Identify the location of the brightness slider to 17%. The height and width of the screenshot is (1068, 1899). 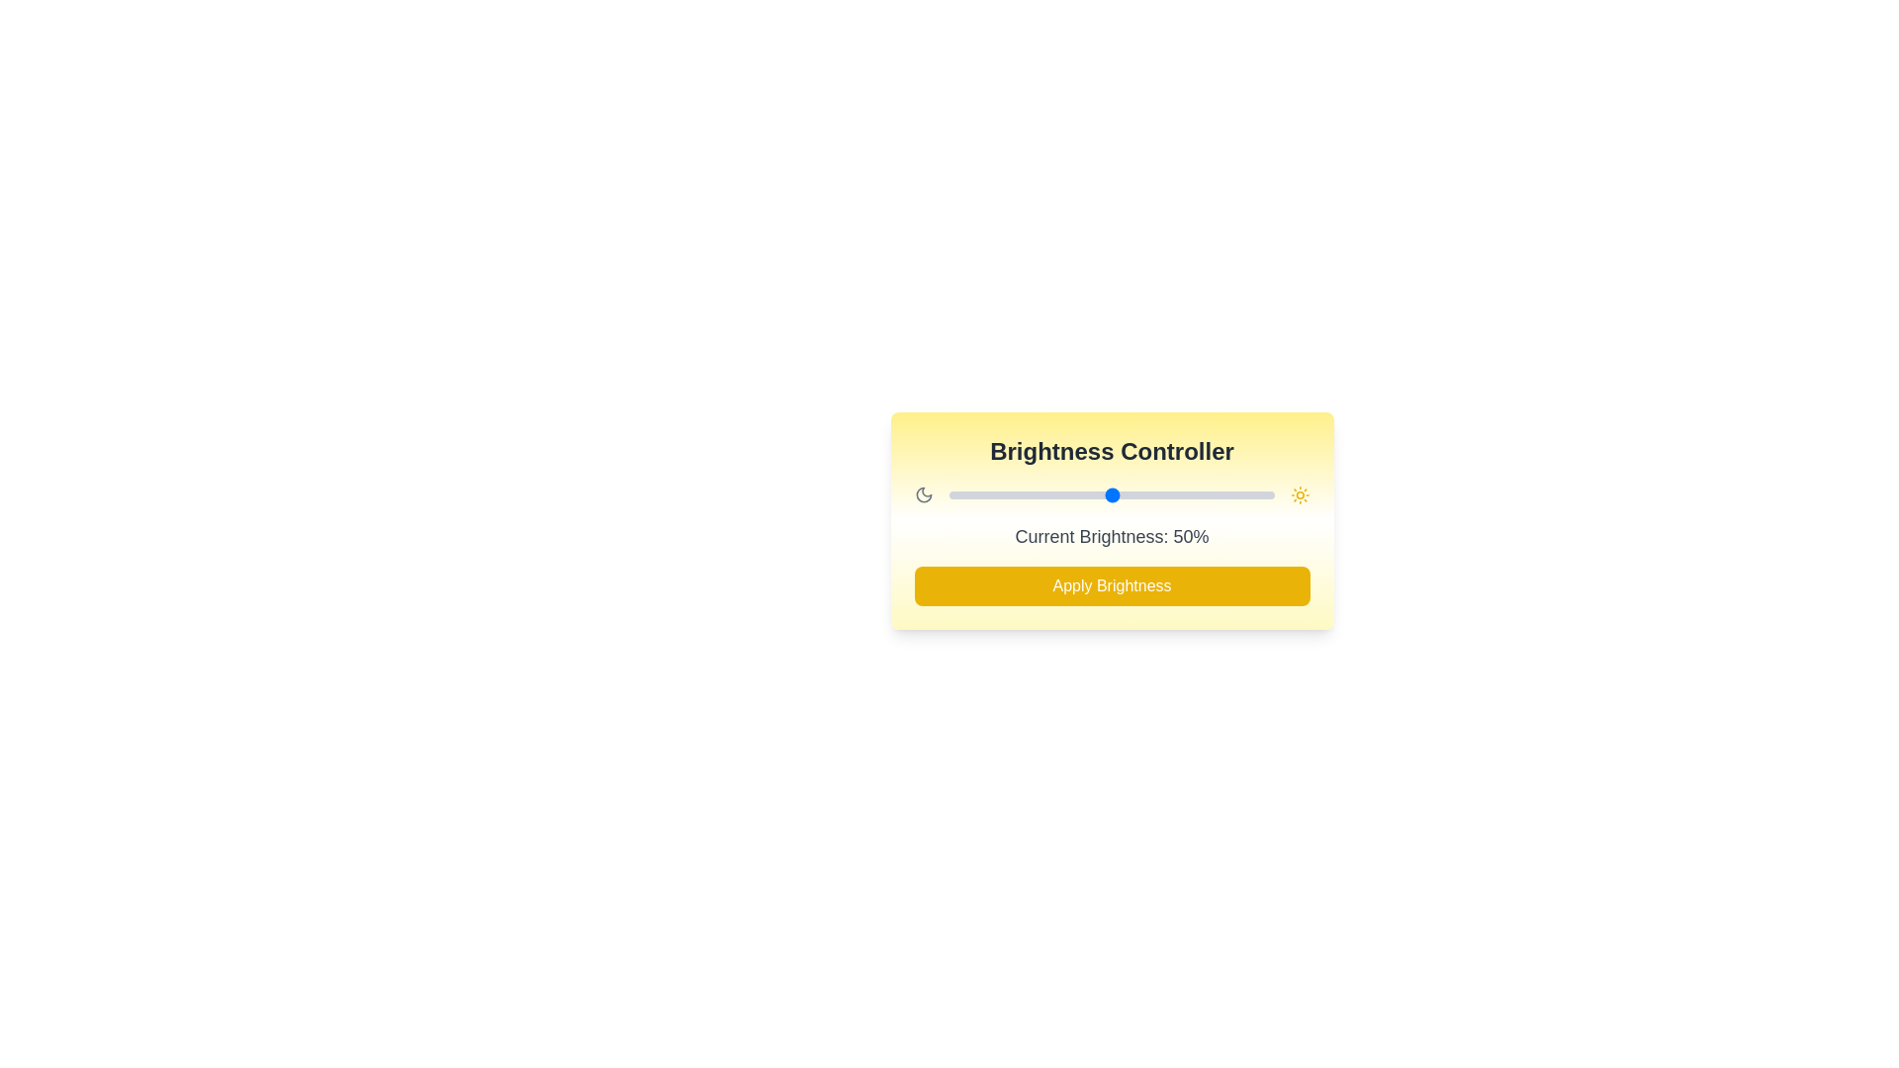
(1004, 494).